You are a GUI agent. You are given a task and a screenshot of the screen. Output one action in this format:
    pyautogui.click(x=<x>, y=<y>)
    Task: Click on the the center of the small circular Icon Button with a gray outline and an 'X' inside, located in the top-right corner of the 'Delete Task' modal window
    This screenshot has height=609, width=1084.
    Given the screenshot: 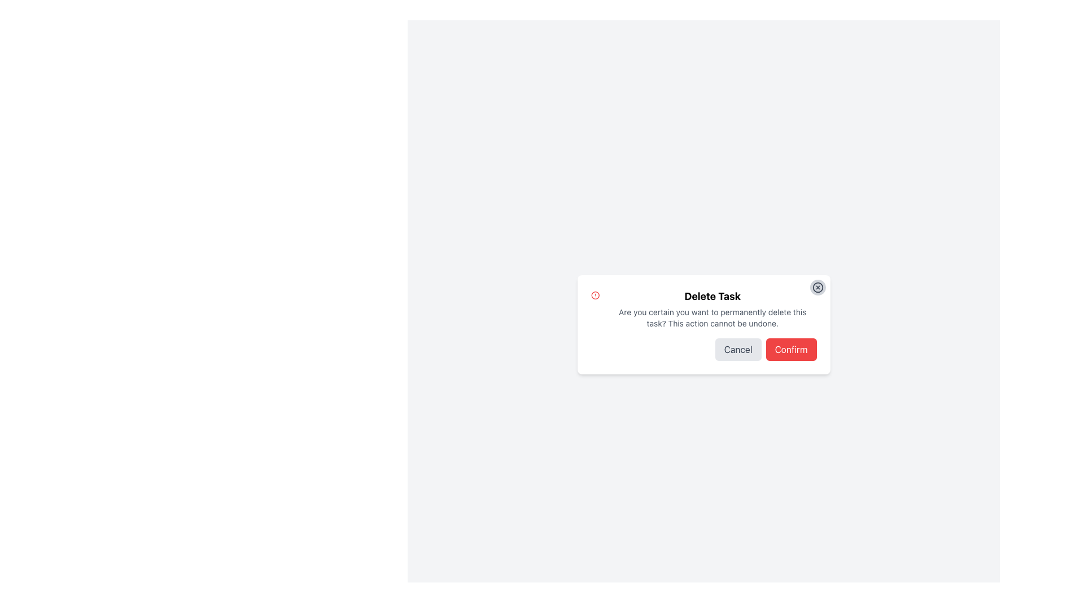 What is the action you would take?
    pyautogui.click(x=818, y=286)
    